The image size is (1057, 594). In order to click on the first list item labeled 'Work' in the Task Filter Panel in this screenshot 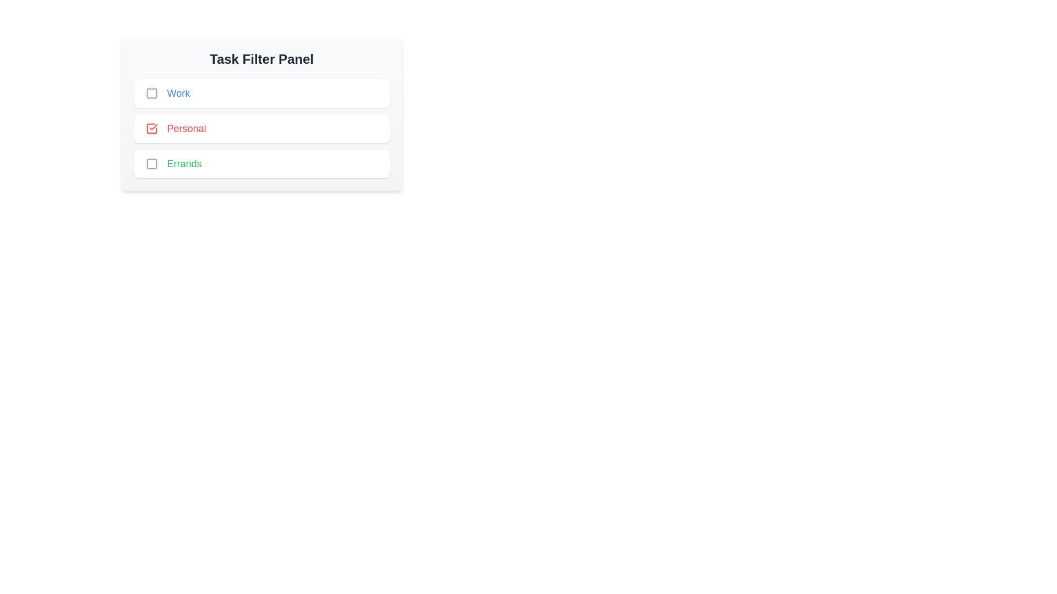, I will do `click(261, 92)`.